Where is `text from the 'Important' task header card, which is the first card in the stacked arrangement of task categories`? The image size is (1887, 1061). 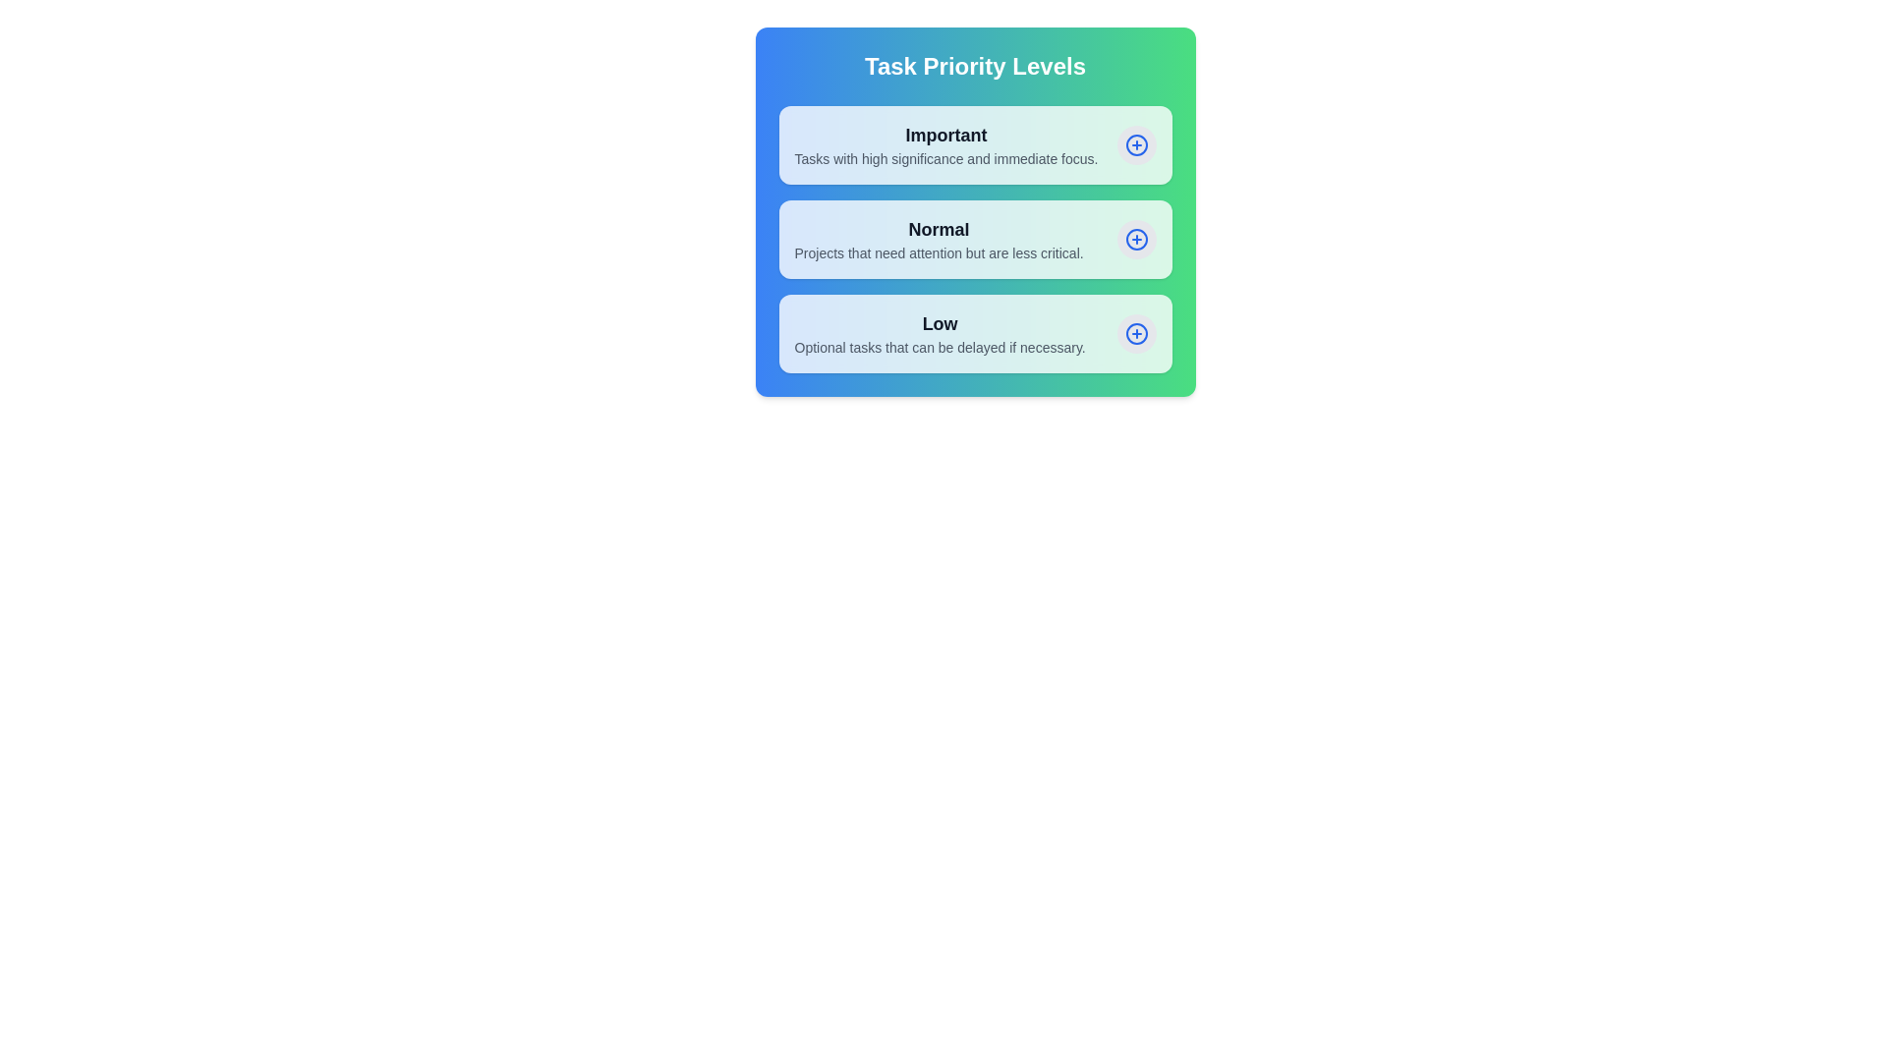
text from the 'Important' task header card, which is the first card in the stacked arrangement of task categories is located at coordinates (975, 143).